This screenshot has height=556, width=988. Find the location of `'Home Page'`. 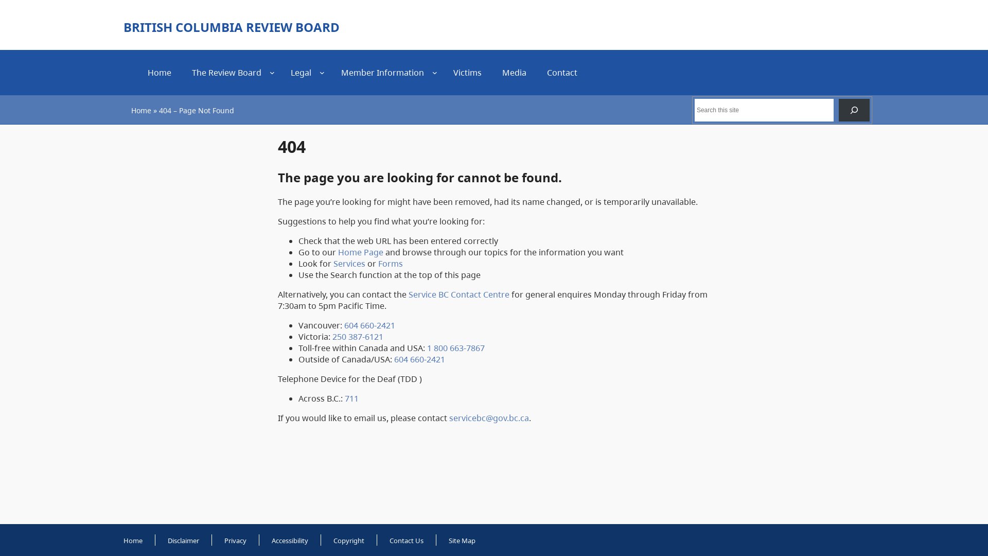

'Home Page' is located at coordinates (360, 252).